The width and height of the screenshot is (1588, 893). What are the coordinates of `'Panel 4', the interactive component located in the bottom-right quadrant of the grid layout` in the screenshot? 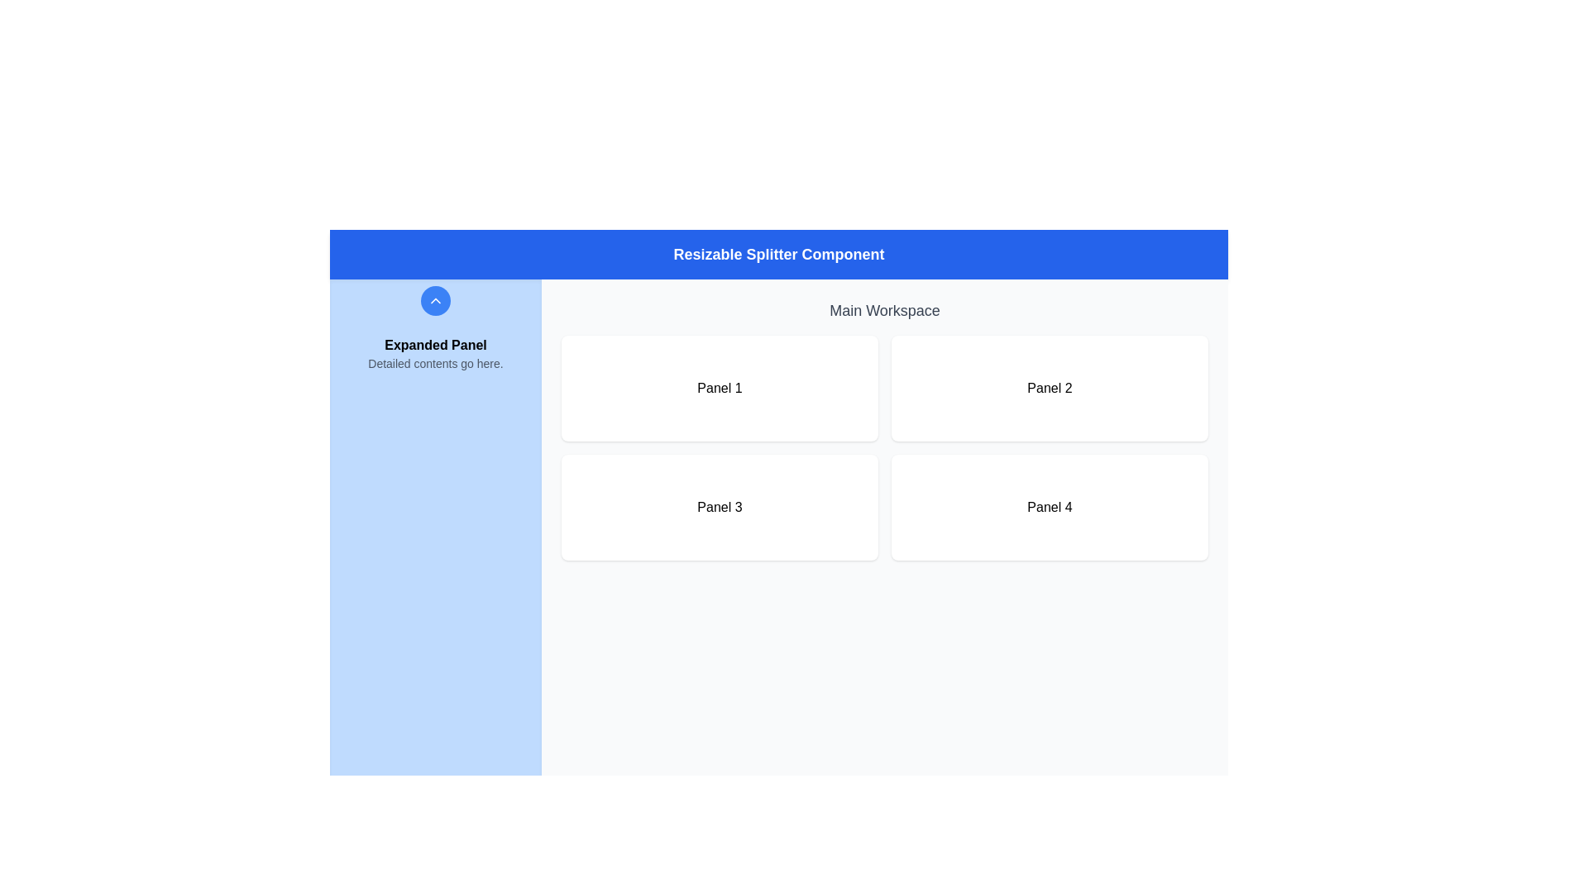 It's located at (1049, 506).